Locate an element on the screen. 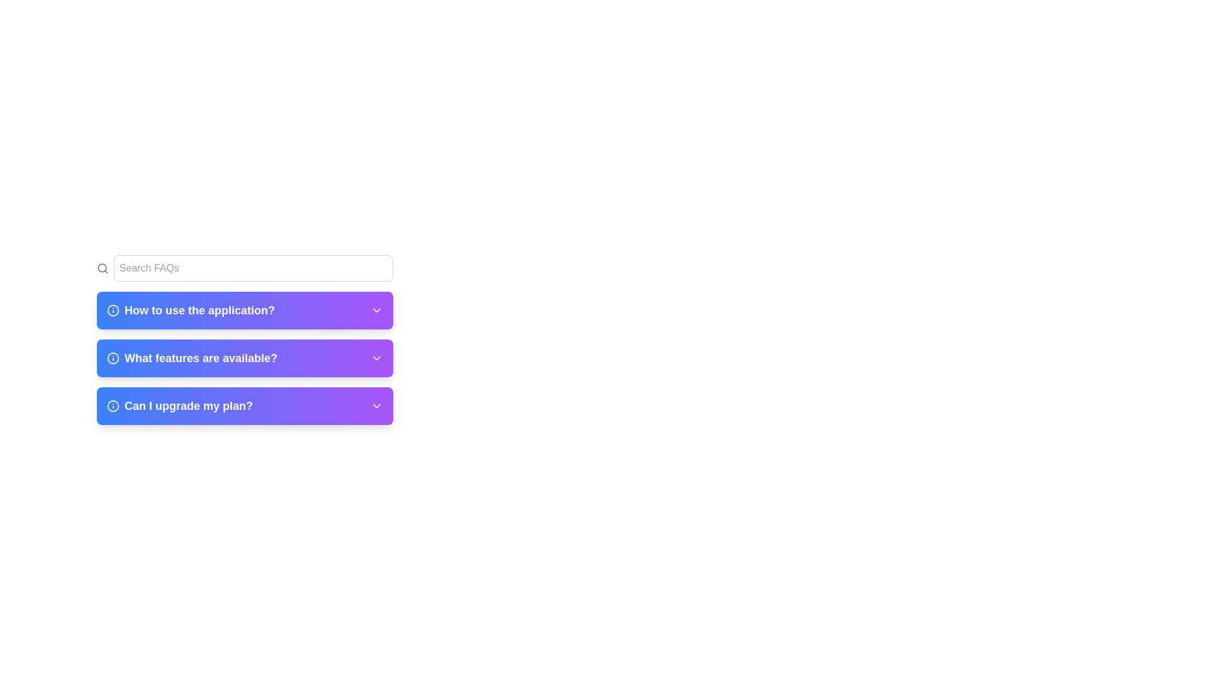  the Chevron-Down icon located on the far-right side of the 'Can I upgrade my plan?' section to receive visual feedback is located at coordinates (376, 406).